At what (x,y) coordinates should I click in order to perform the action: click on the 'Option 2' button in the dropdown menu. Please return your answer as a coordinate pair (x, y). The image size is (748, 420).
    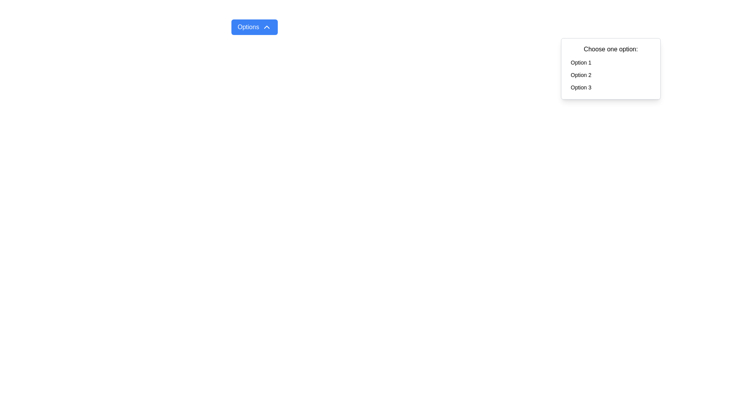
    Looking at the image, I should click on (610, 75).